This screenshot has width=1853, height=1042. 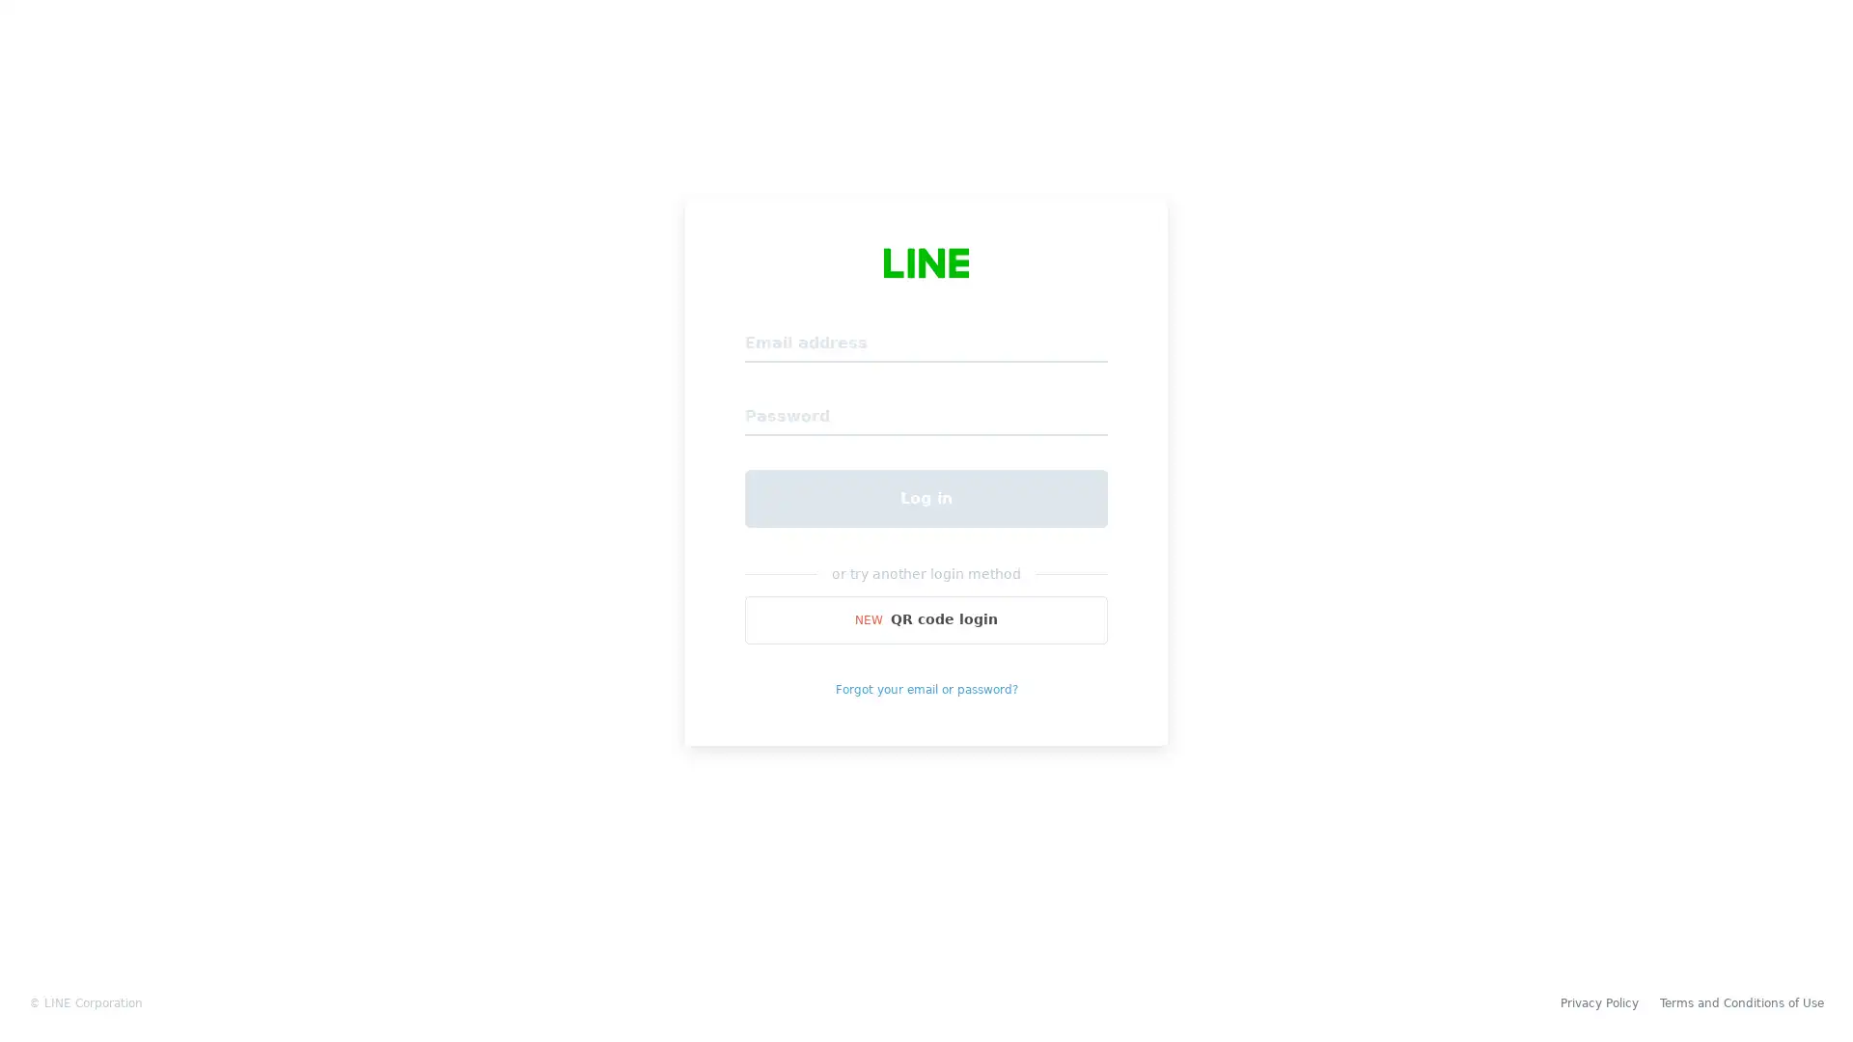 What do you see at coordinates (926, 688) in the screenshot?
I see `Forgot your email or password?` at bounding box center [926, 688].